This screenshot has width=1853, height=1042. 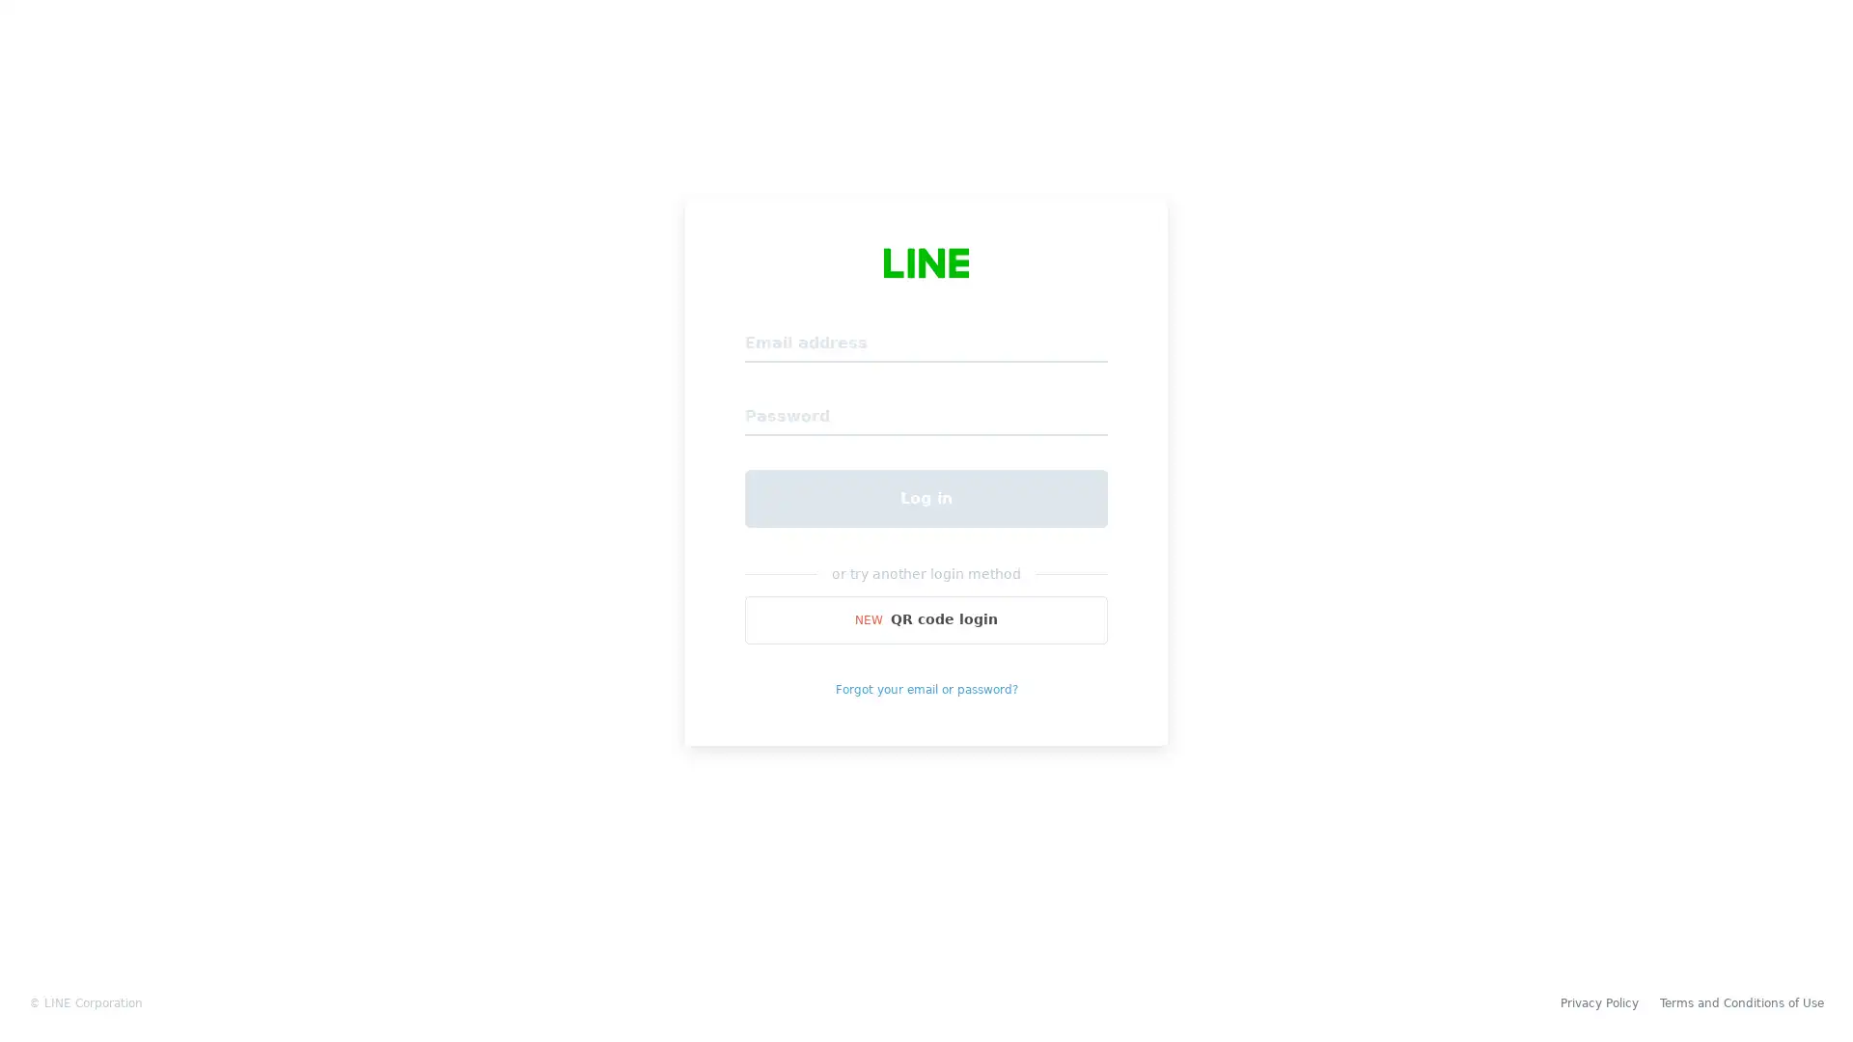 What do you see at coordinates (926, 688) in the screenshot?
I see `Forgot your email or password?` at bounding box center [926, 688].